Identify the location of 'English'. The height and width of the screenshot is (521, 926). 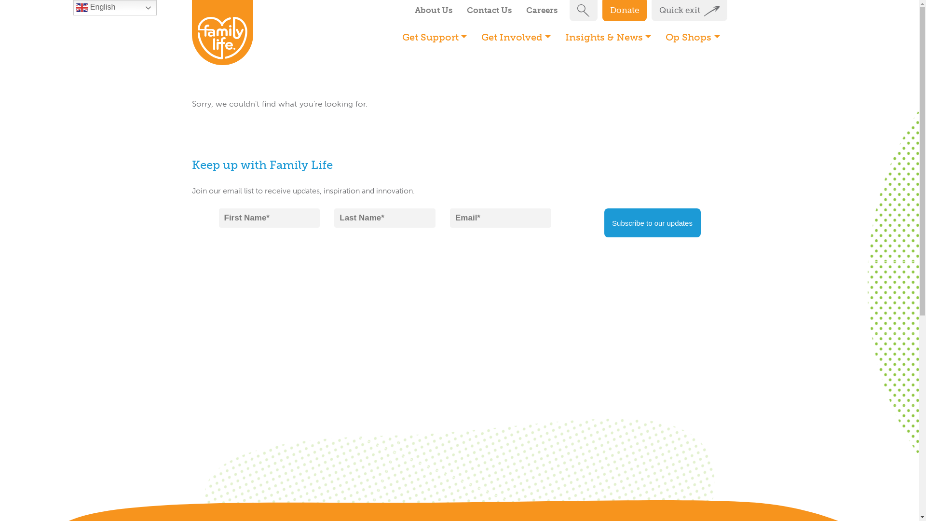
(115, 7).